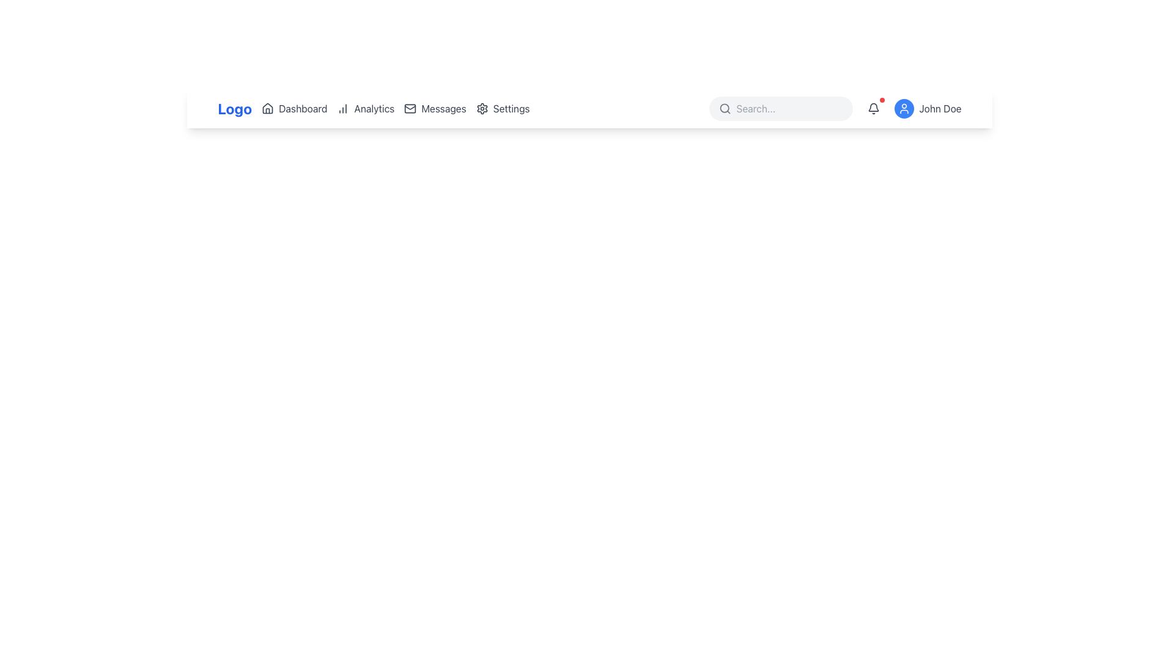 The width and height of the screenshot is (1174, 660). I want to click on the inner content of the envelope icon located, so click(410, 107).